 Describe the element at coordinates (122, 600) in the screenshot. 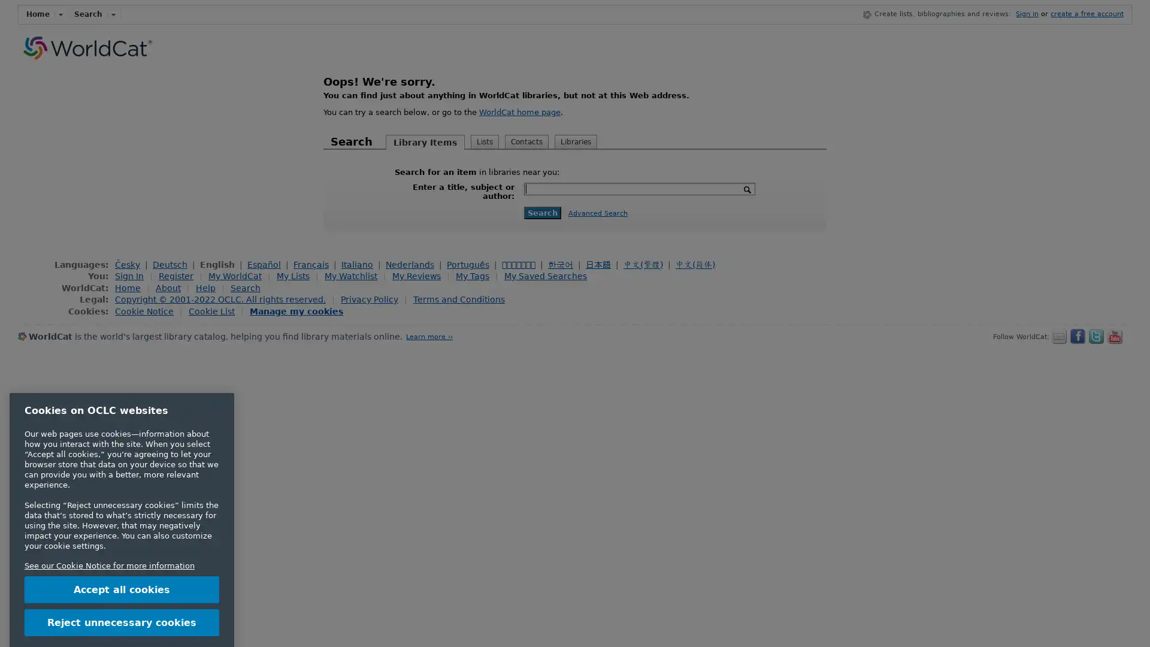

I see `Customize cookie settings` at that location.